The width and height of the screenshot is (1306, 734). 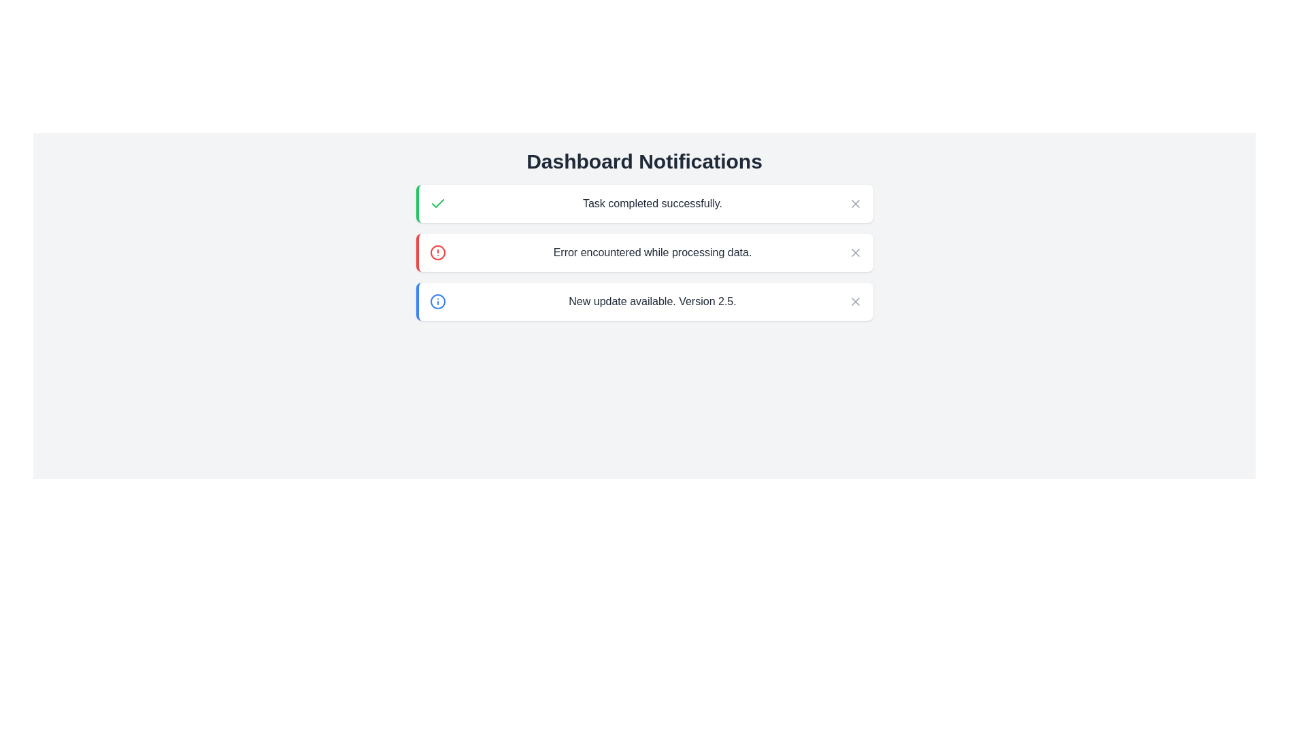 I want to click on information conveyed in the text content element regarding the new software update, version 2.5, located in the third notification card at the bottom of the list, so click(x=652, y=300).